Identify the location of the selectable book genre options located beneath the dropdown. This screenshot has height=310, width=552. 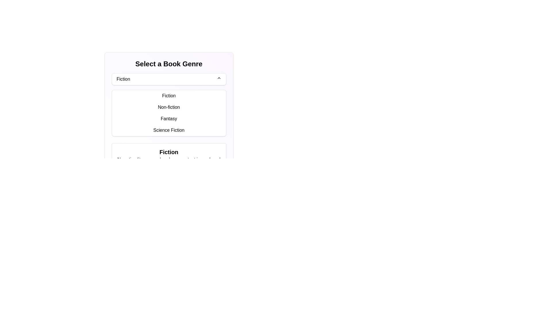
(168, 113).